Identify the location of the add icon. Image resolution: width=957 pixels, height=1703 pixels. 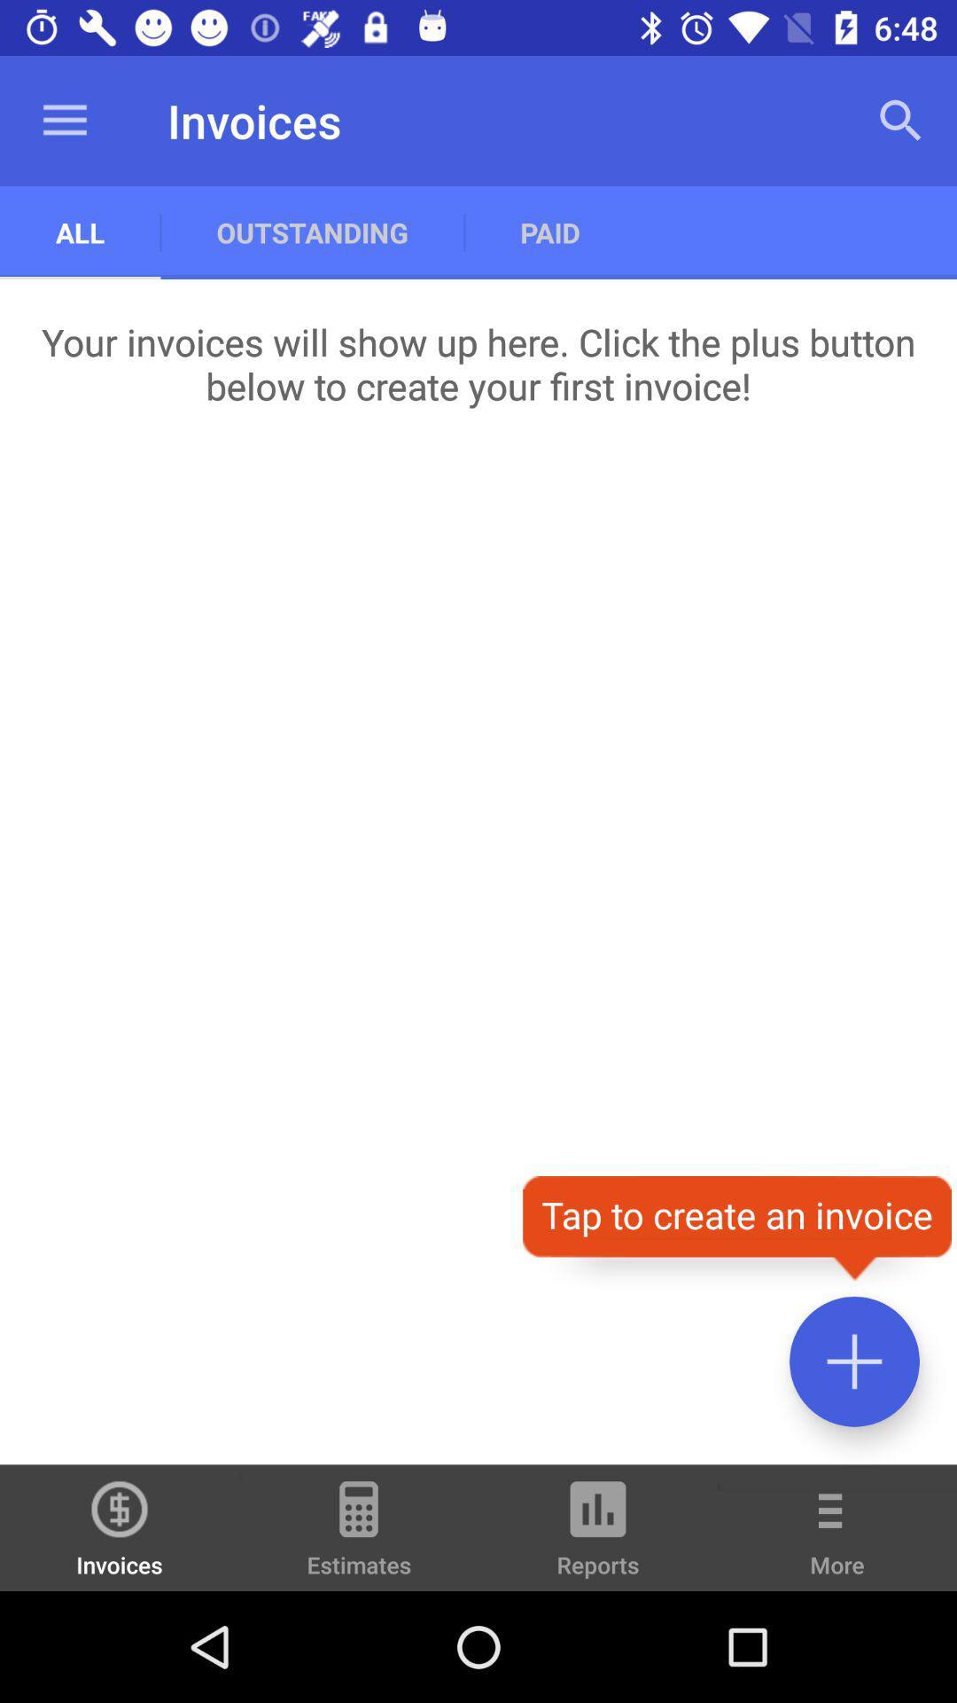
(853, 1361).